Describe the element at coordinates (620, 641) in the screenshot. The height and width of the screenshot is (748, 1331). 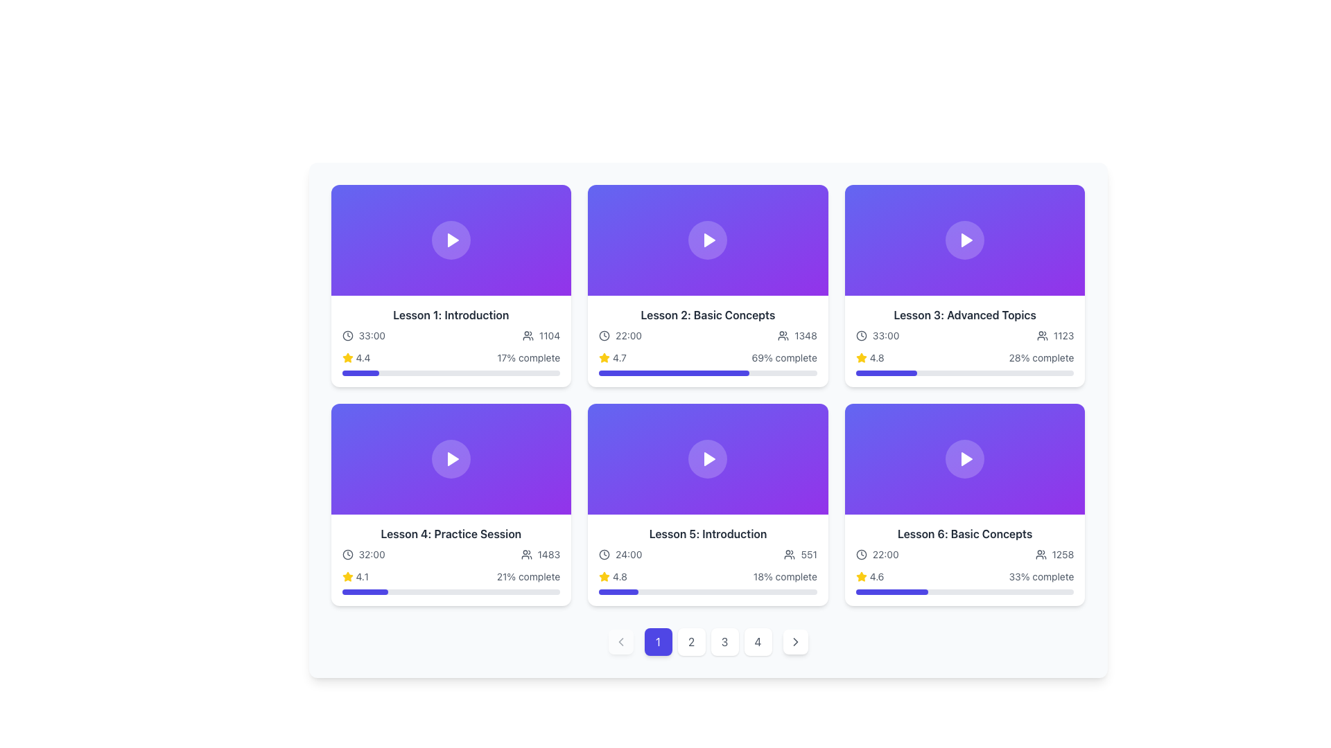
I see `the left-facing chevron icon located at the bottom navigation bar, which is the leftmost icon among the navigation controls` at that location.